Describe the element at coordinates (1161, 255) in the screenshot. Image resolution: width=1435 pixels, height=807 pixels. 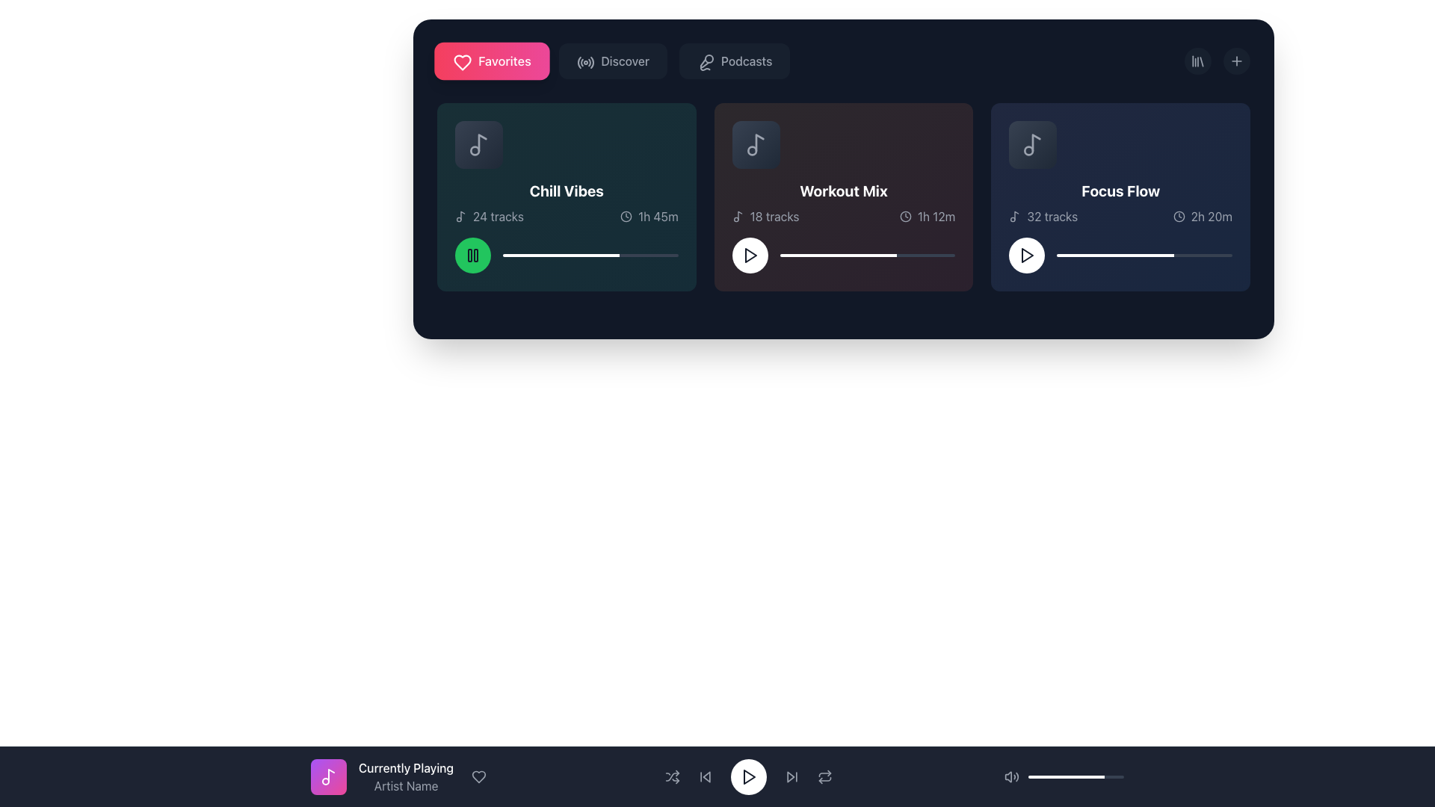
I see `the slider position` at that location.